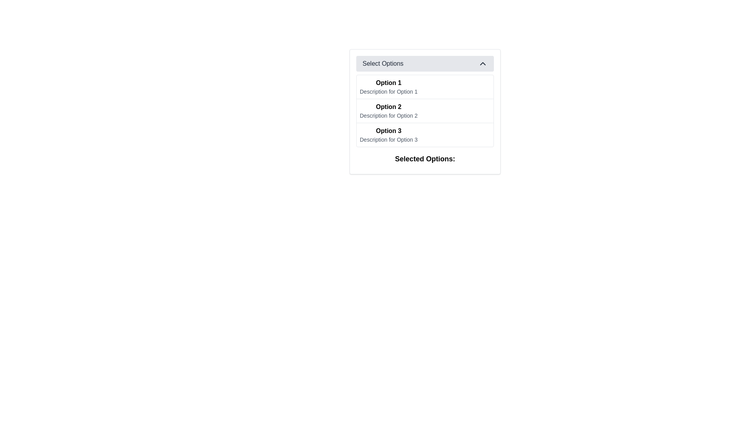 The width and height of the screenshot is (755, 425). Describe the element at coordinates (389, 135) in the screenshot. I see `description of the third option in the dropdown list, which is located between 'Option 2' and a blank area` at that location.